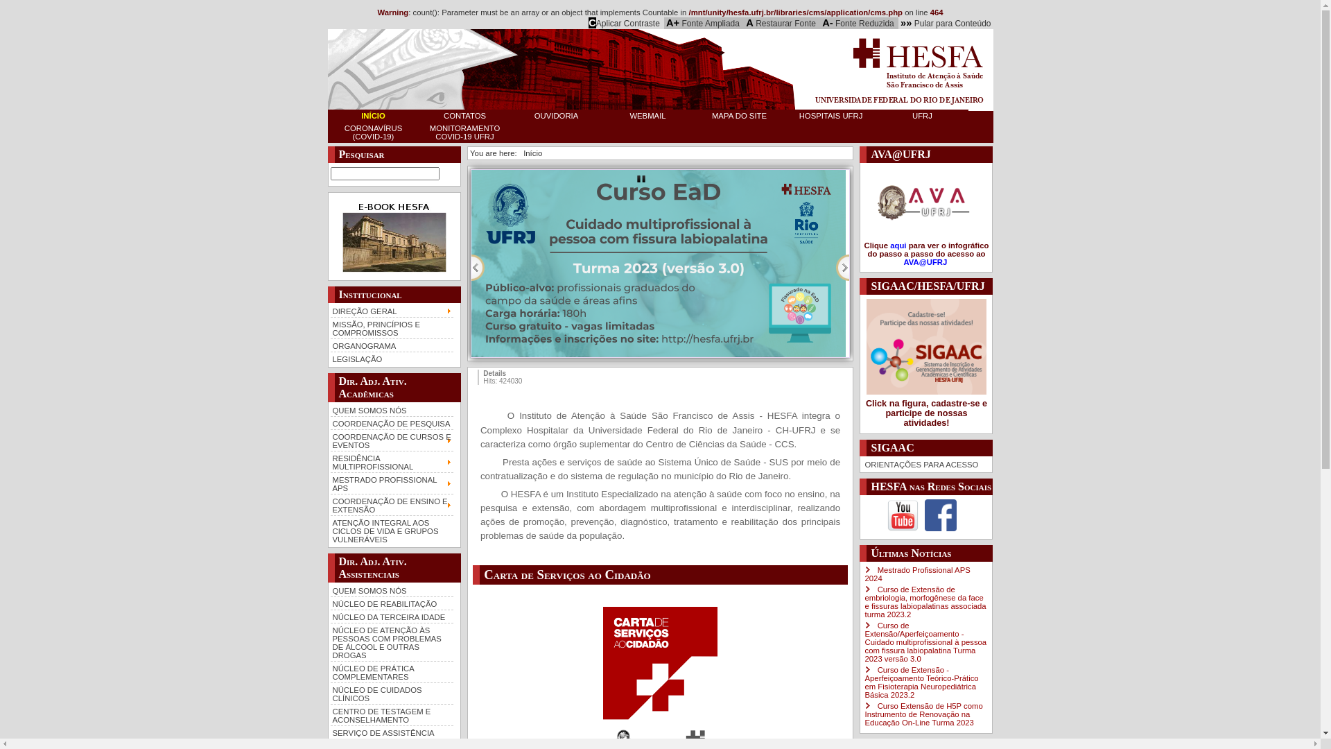 Image resolution: width=1331 pixels, height=749 pixels. What do you see at coordinates (391, 344) in the screenshot?
I see `'ORGANOGRAMA'` at bounding box center [391, 344].